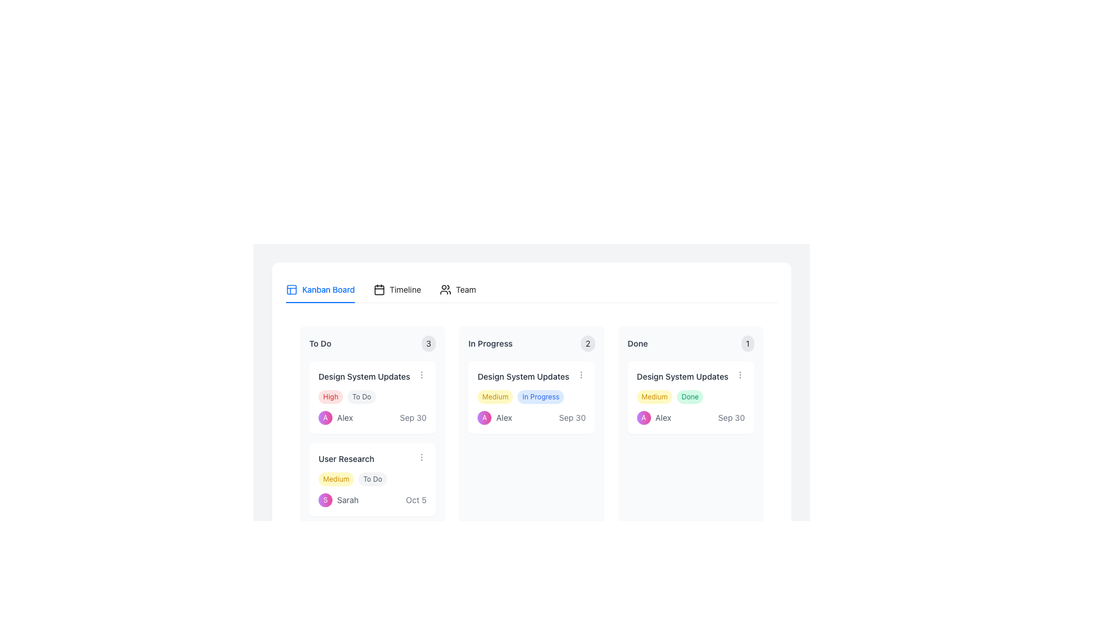 This screenshot has width=1114, height=626. I want to click on the 'more options' icon represented by three horizontally aligned dots, located within the button with class 'ant-tabs-nav-more' in the top-left section of the interface, so click(299, 287).